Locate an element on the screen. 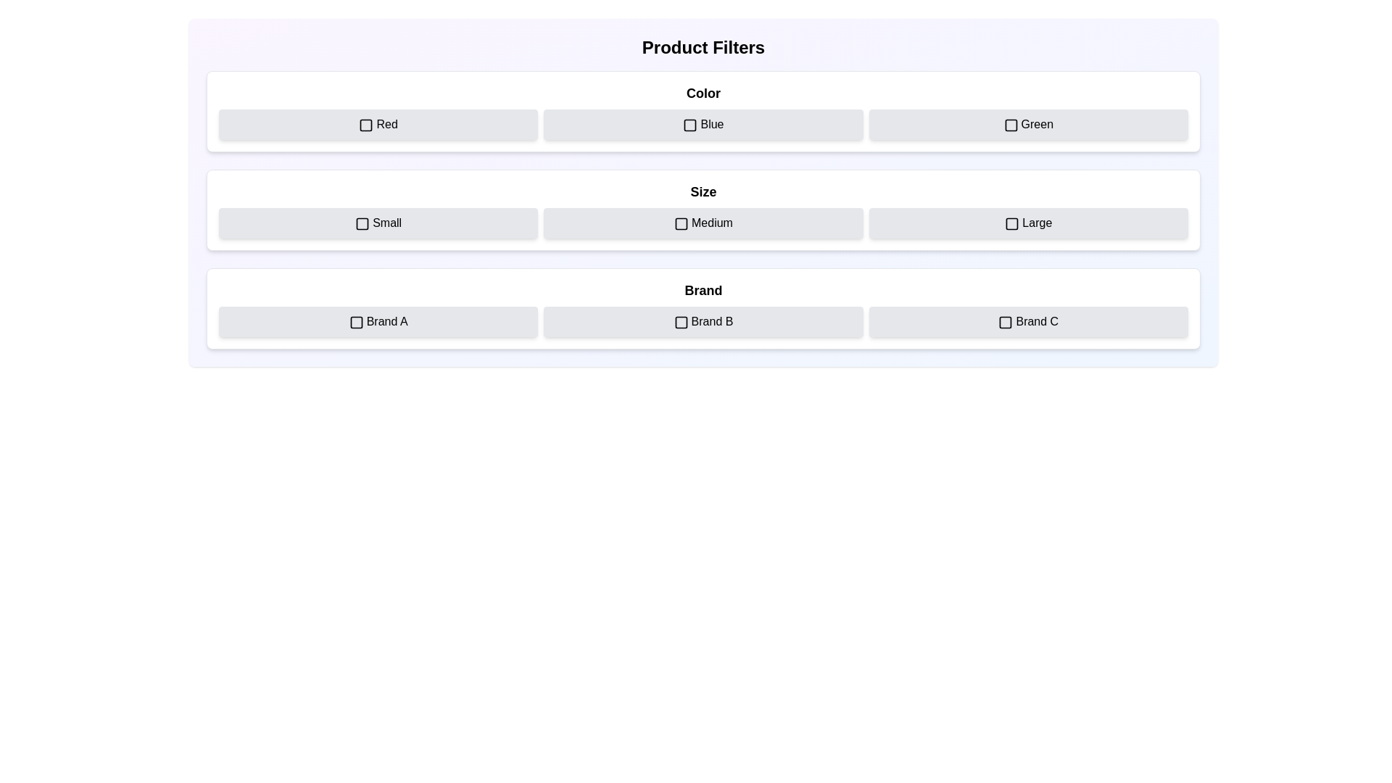 The width and height of the screenshot is (1392, 783). the checkbox labeled 'Blue' in the filter list is located at coordinates (703, 124).